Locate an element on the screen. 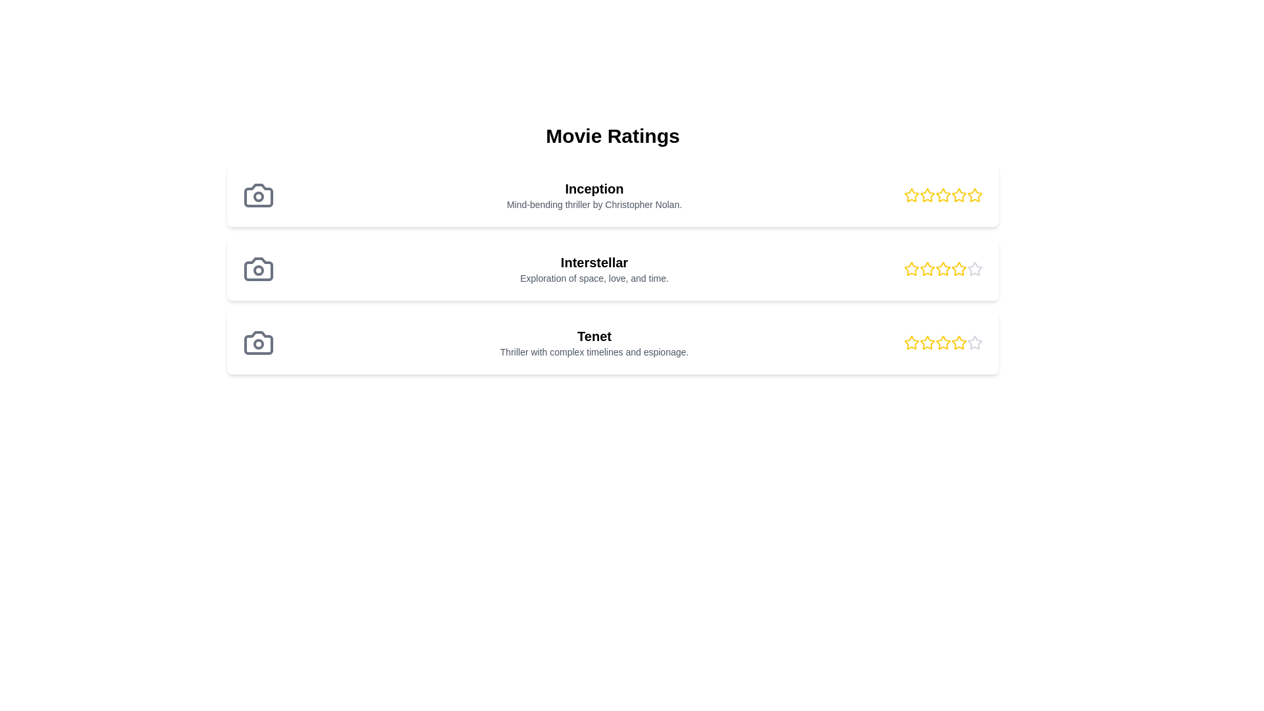 This screenshot has height=711, width=1264. the second star from the left in the row of stars for the movie 'Inception' to assign a rating is located at coordinates (926, 195).